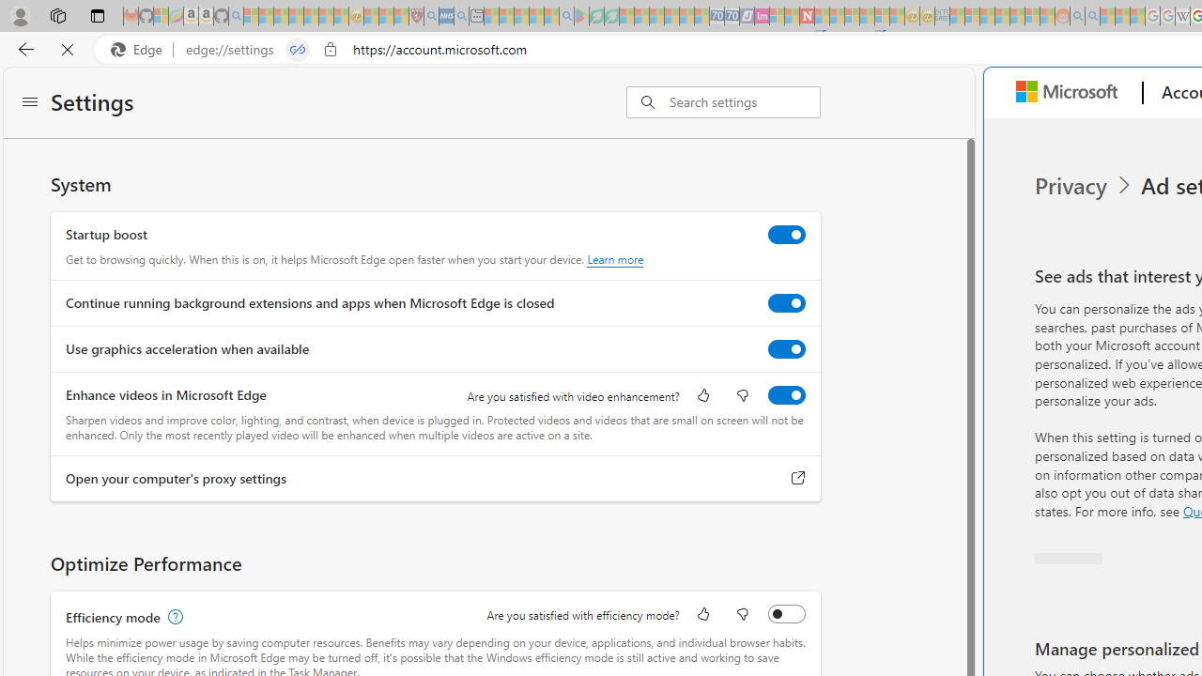 This screenshot has height=676, width=1202. I want to click on 'Like', so click(701, 615).